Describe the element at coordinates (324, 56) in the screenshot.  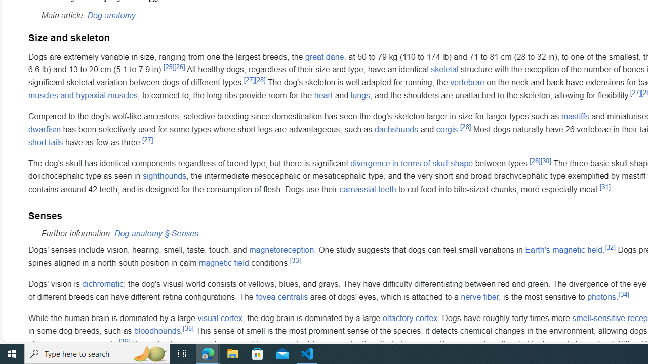
I see `'great dane'` at that location.